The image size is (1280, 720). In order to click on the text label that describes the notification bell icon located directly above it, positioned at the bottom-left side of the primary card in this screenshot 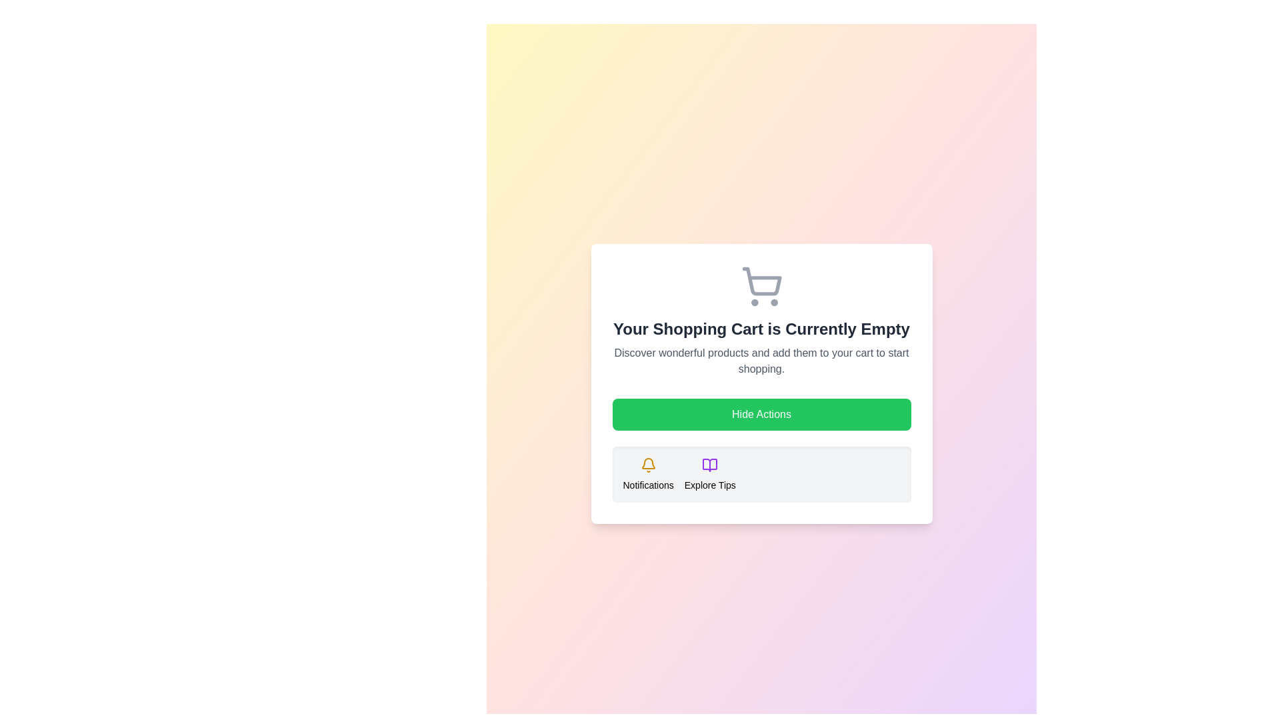, I will do `click(648, 485)`.